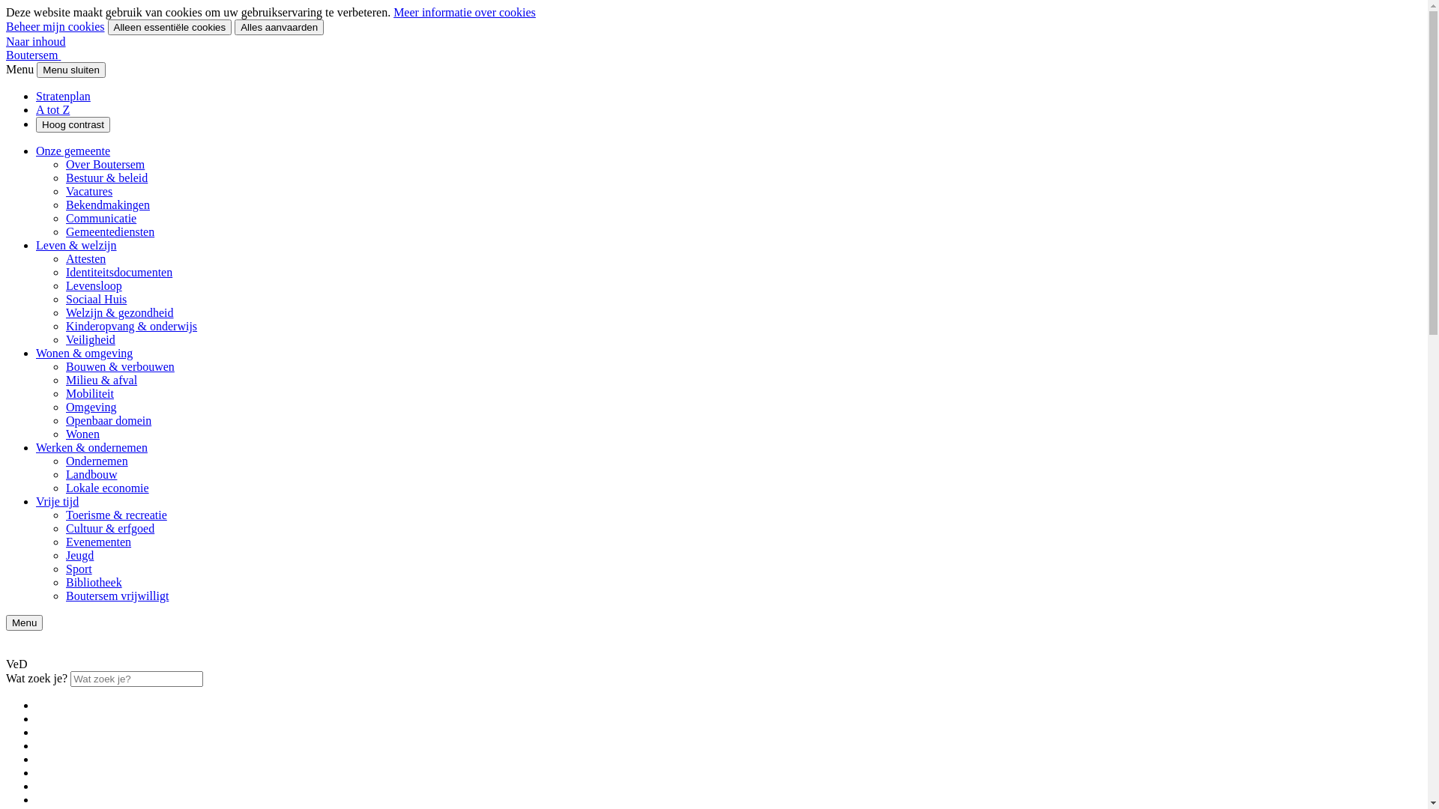 The height and width of the screenshot is (809, 1439). Describe the element at coordinates (62, 96) in the screenshot. I see `'Stratenplan'` at that location.